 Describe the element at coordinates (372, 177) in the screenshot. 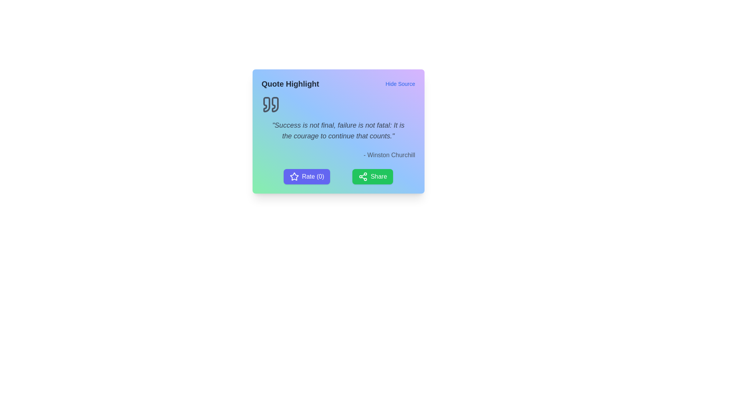

I see `the green 'Share' button with rounded corners, which shows a color change effect when hovered over` at that location.